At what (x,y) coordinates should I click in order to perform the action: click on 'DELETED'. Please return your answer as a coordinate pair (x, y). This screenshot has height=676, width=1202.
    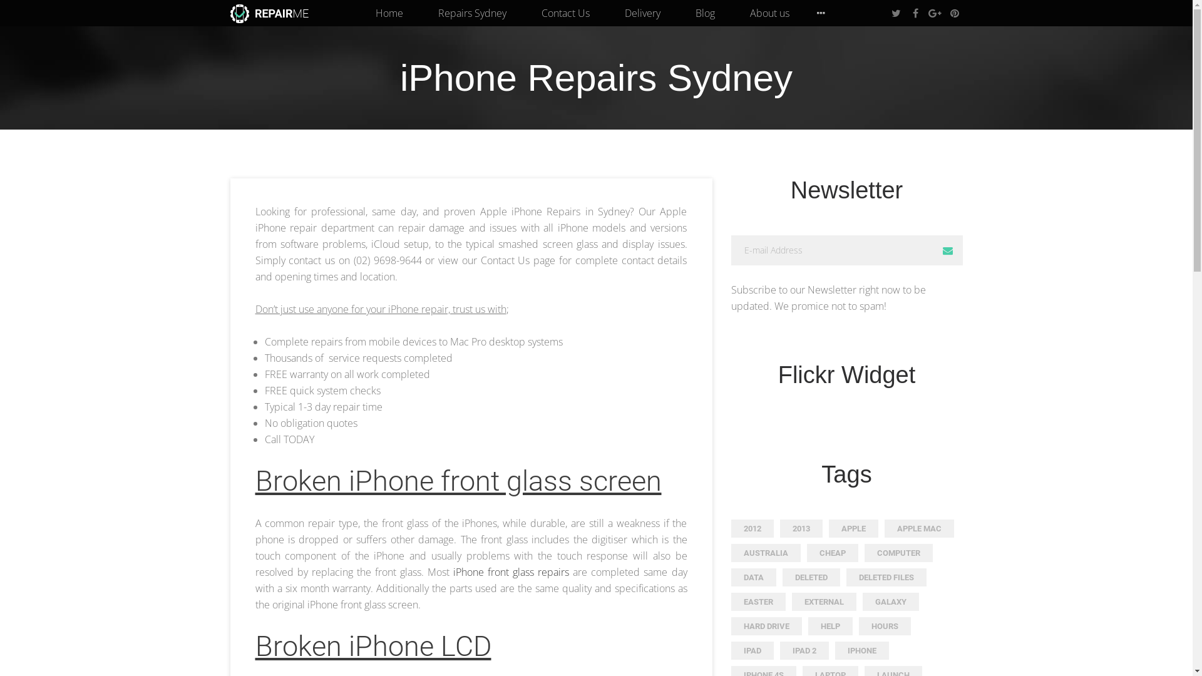
    Looking at the image, I should click on (811, 577).